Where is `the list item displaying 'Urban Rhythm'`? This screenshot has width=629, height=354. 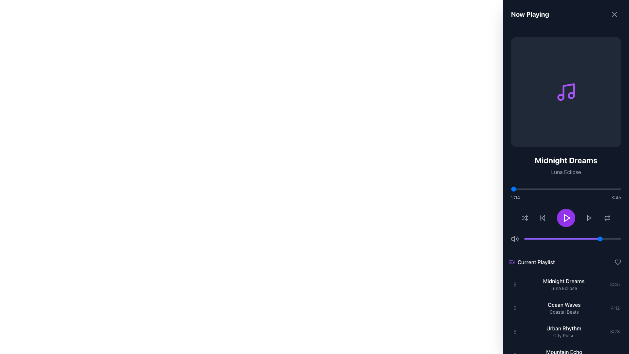
the list item displaying 'Urban Rhythm' is located at coordinates (566, 331).